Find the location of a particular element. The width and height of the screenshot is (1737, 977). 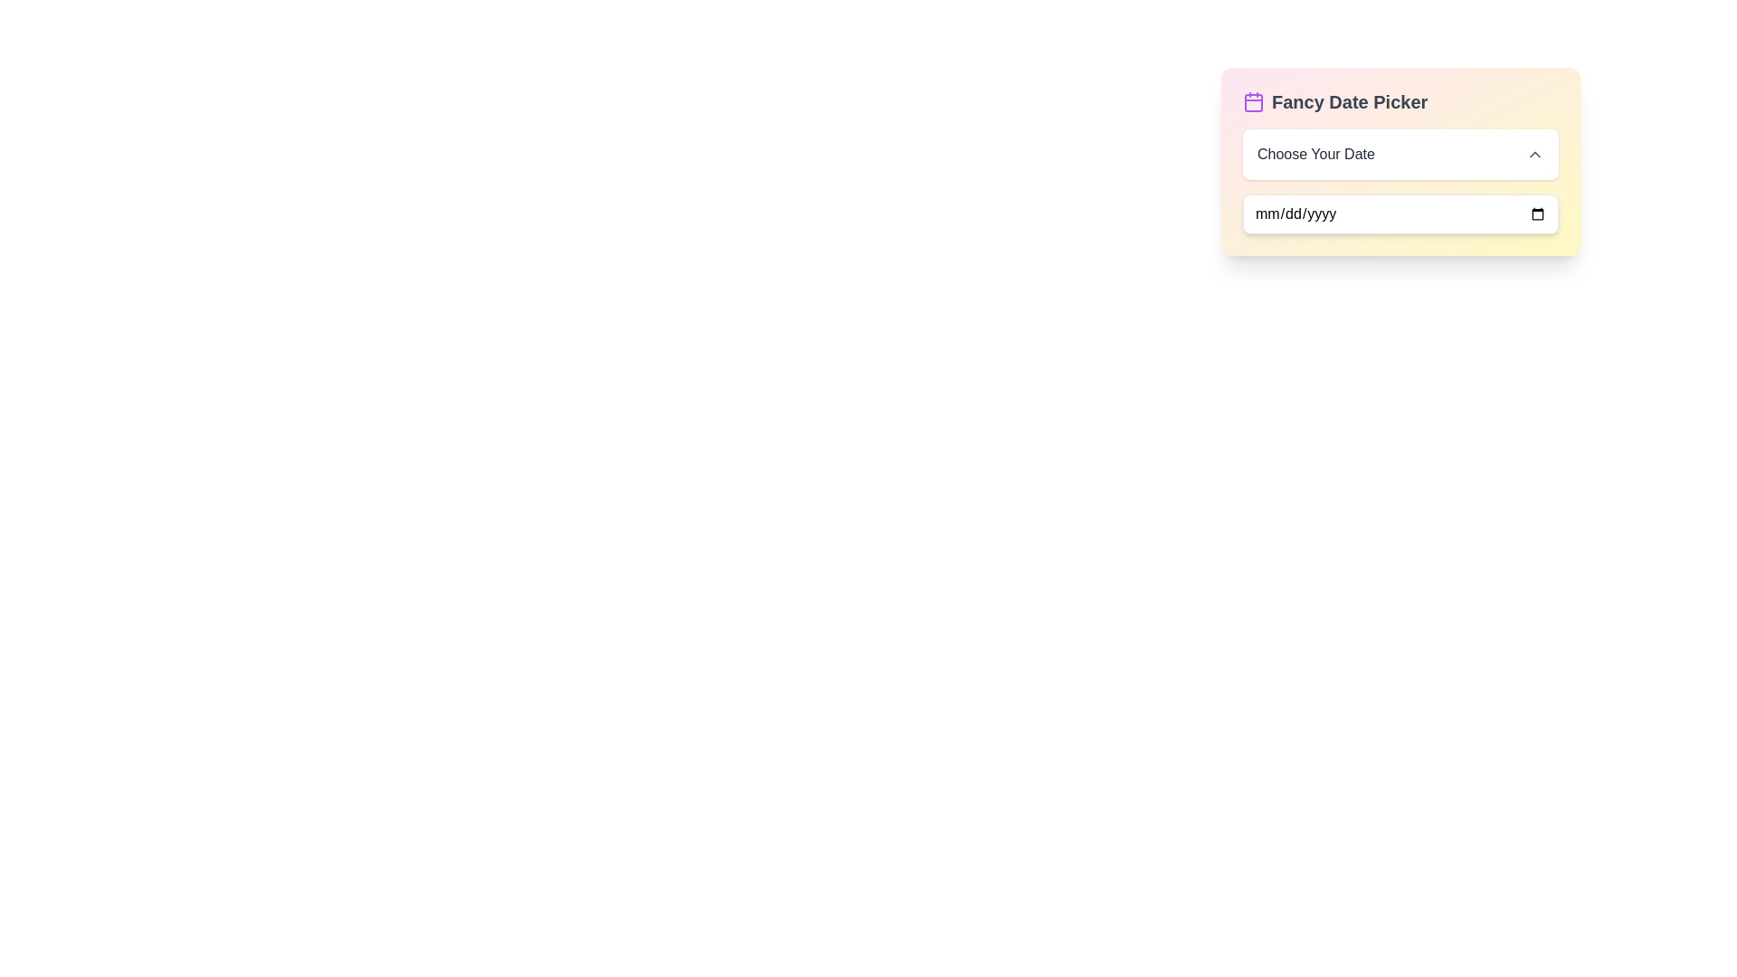

the Text Label that guides the user in selecting a date, located in the 'Fancy Date Picker' above the 'mm/dd/yyyy' input field is located at coordinates (1315, 153).